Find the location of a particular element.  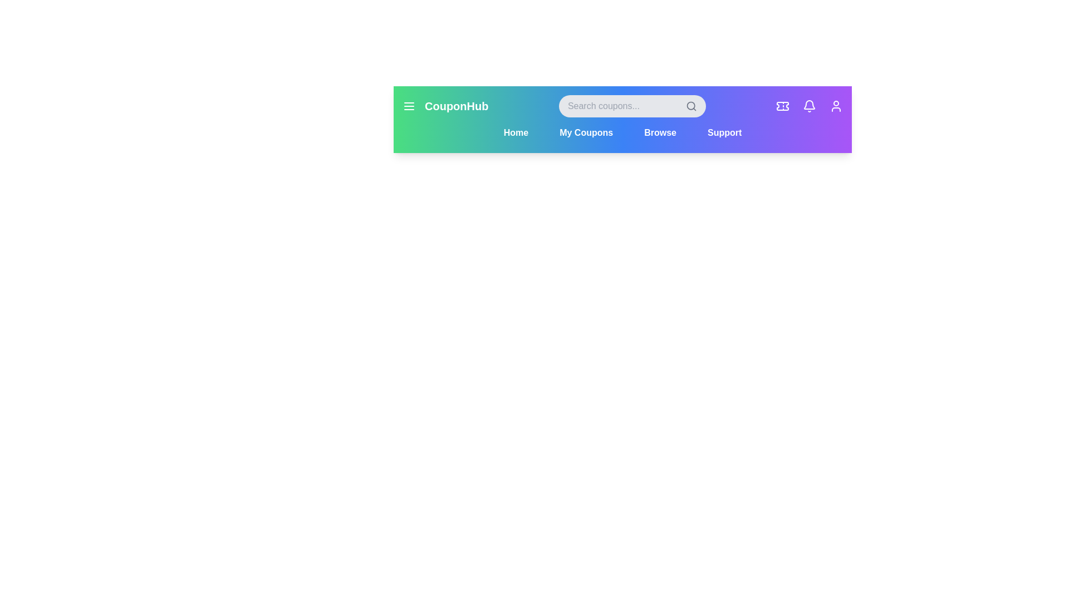

the navigation button labeled Home is located at coordinates (515, 132).